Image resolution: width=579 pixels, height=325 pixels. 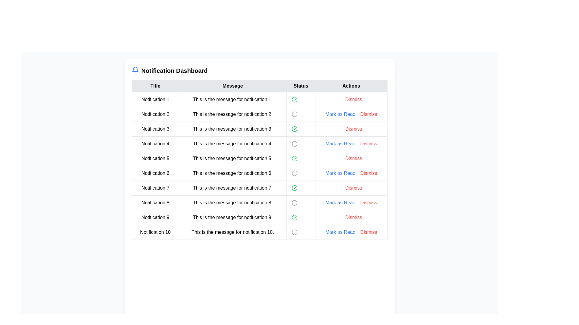 I want to click on the red-hyperlinked label with the text 'Dismiss', so click(x=368, y=144).